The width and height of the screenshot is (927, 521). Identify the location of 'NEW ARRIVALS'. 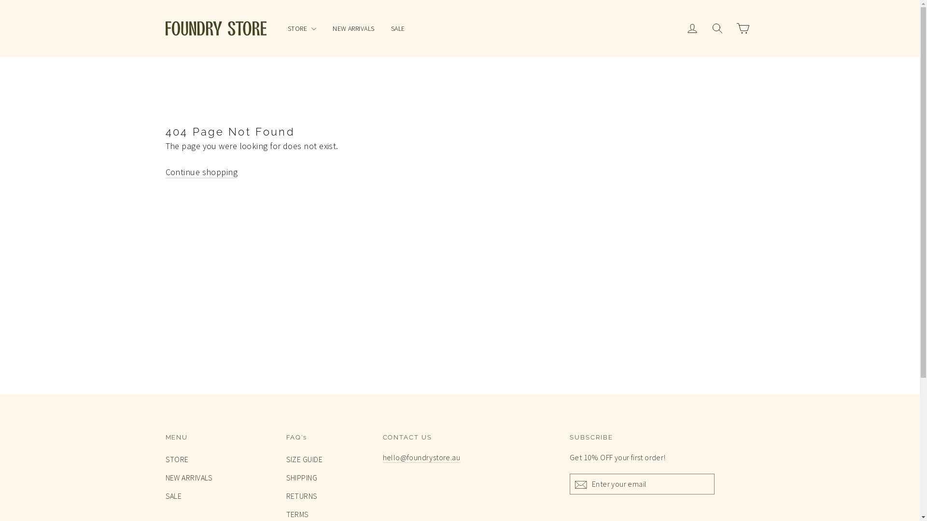
(352, 27).